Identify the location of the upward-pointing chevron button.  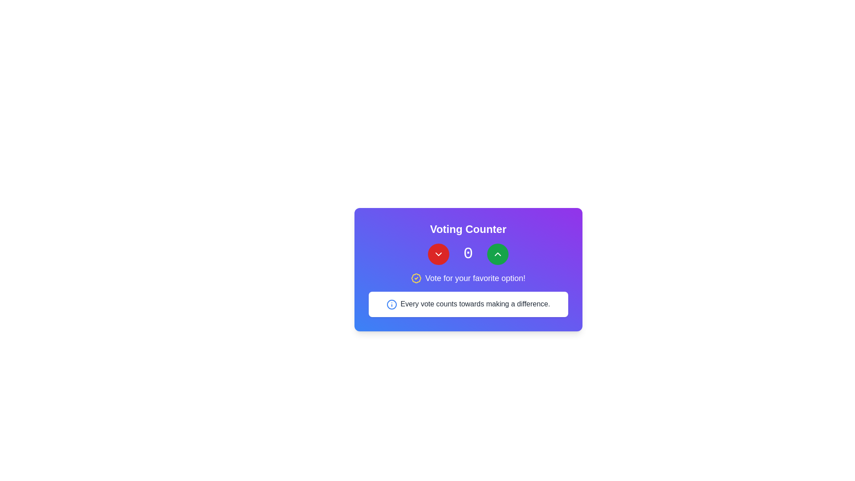
(497, 254).